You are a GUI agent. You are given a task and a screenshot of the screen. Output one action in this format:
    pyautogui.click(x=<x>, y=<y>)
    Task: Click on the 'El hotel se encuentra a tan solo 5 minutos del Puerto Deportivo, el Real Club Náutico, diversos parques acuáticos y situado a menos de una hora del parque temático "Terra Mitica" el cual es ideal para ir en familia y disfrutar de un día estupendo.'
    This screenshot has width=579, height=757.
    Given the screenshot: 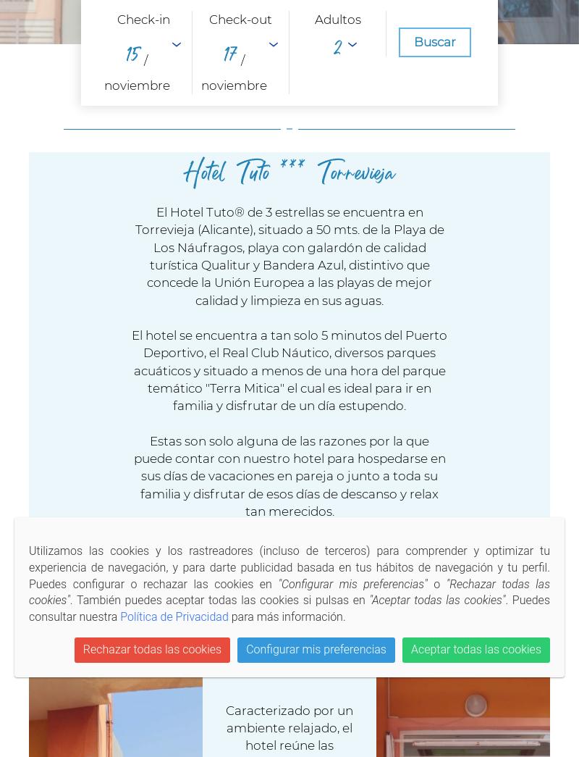 What is the action you would take?
    pyautogui.click(x=289, y=369)
    